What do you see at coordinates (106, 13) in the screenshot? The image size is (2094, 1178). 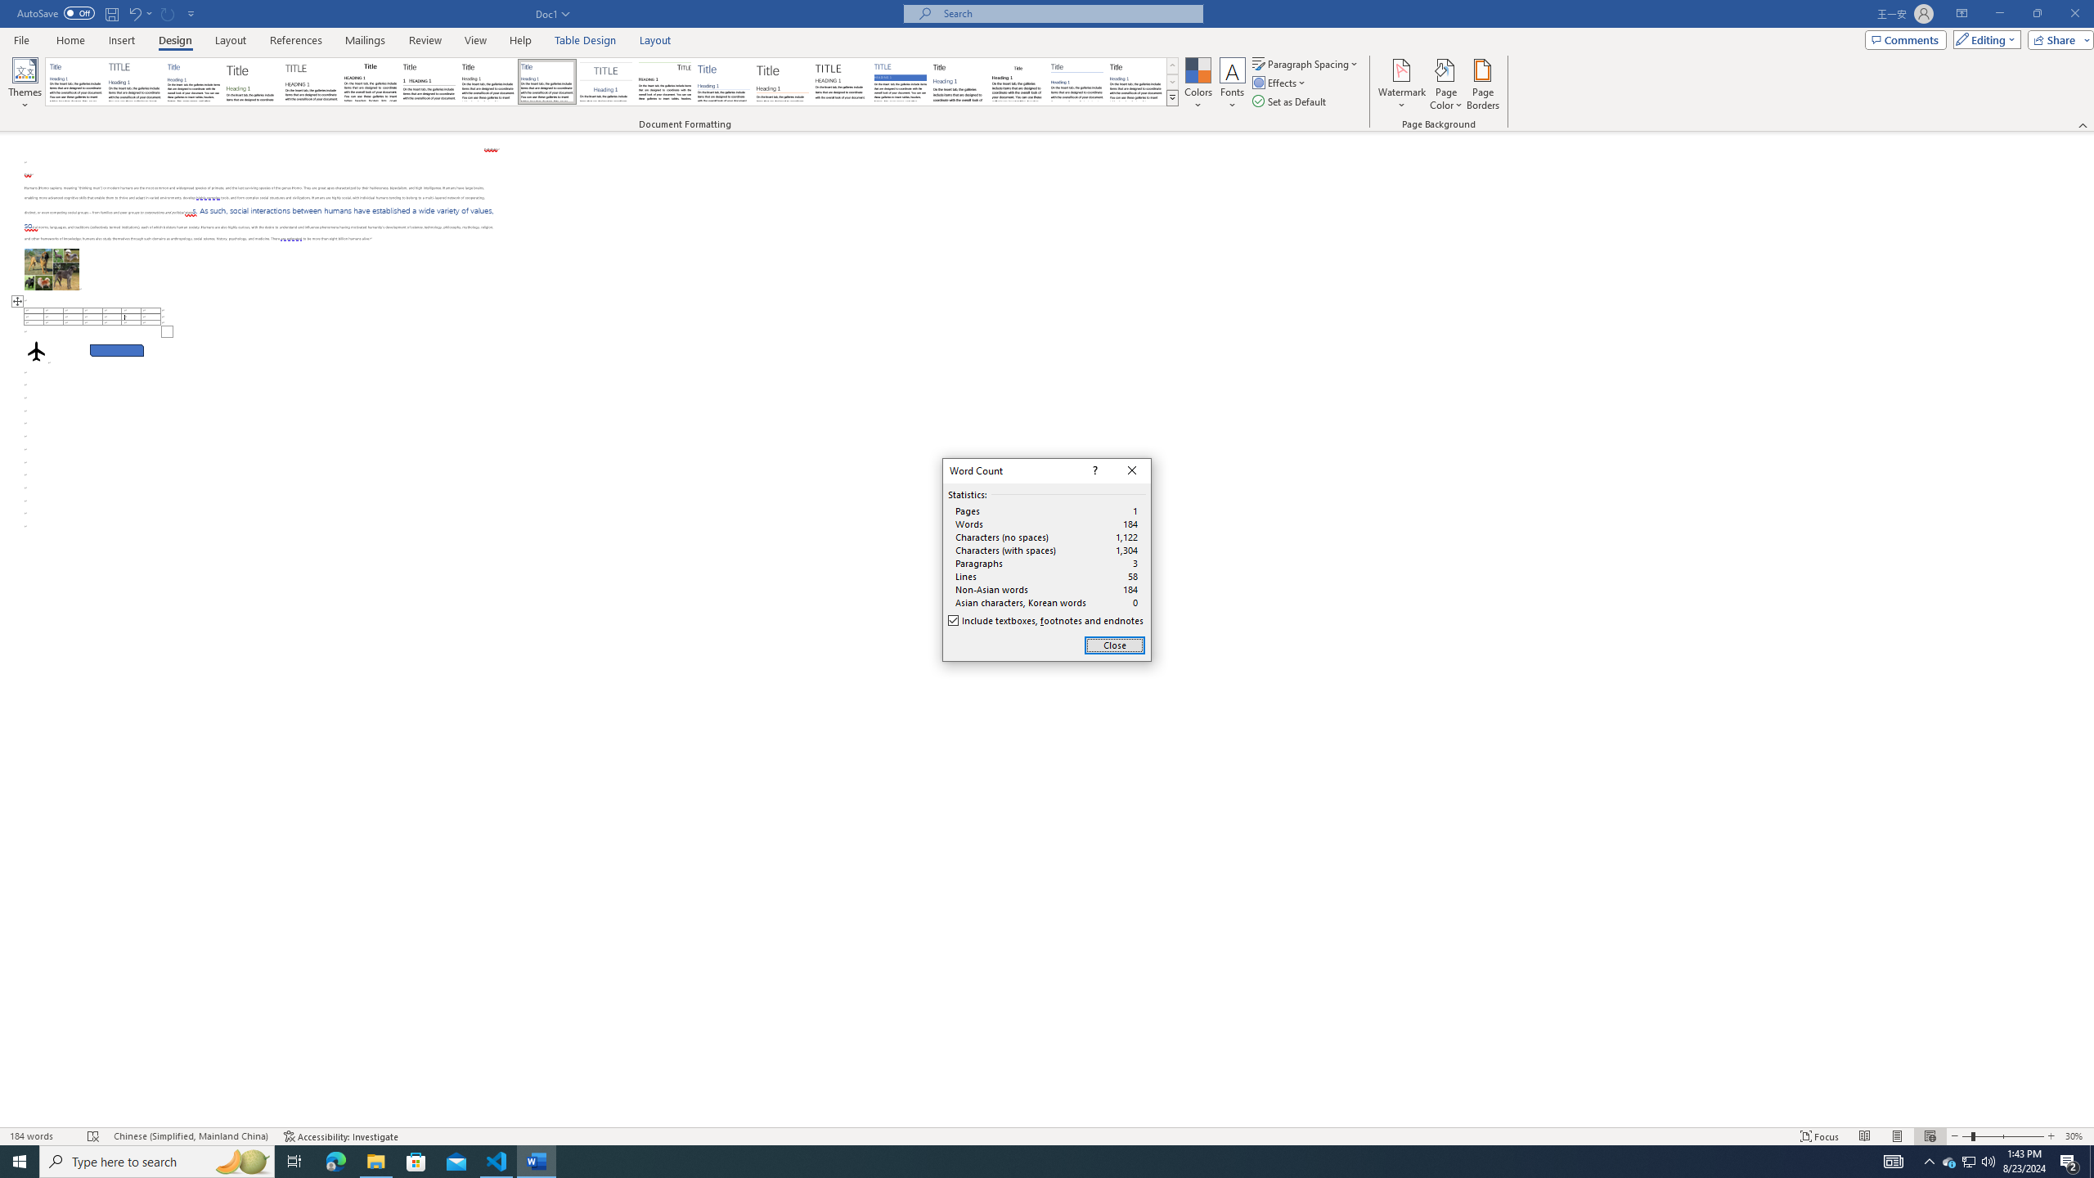 I see `'Quick Access Toolbar'` at bounding box center [106, 13].